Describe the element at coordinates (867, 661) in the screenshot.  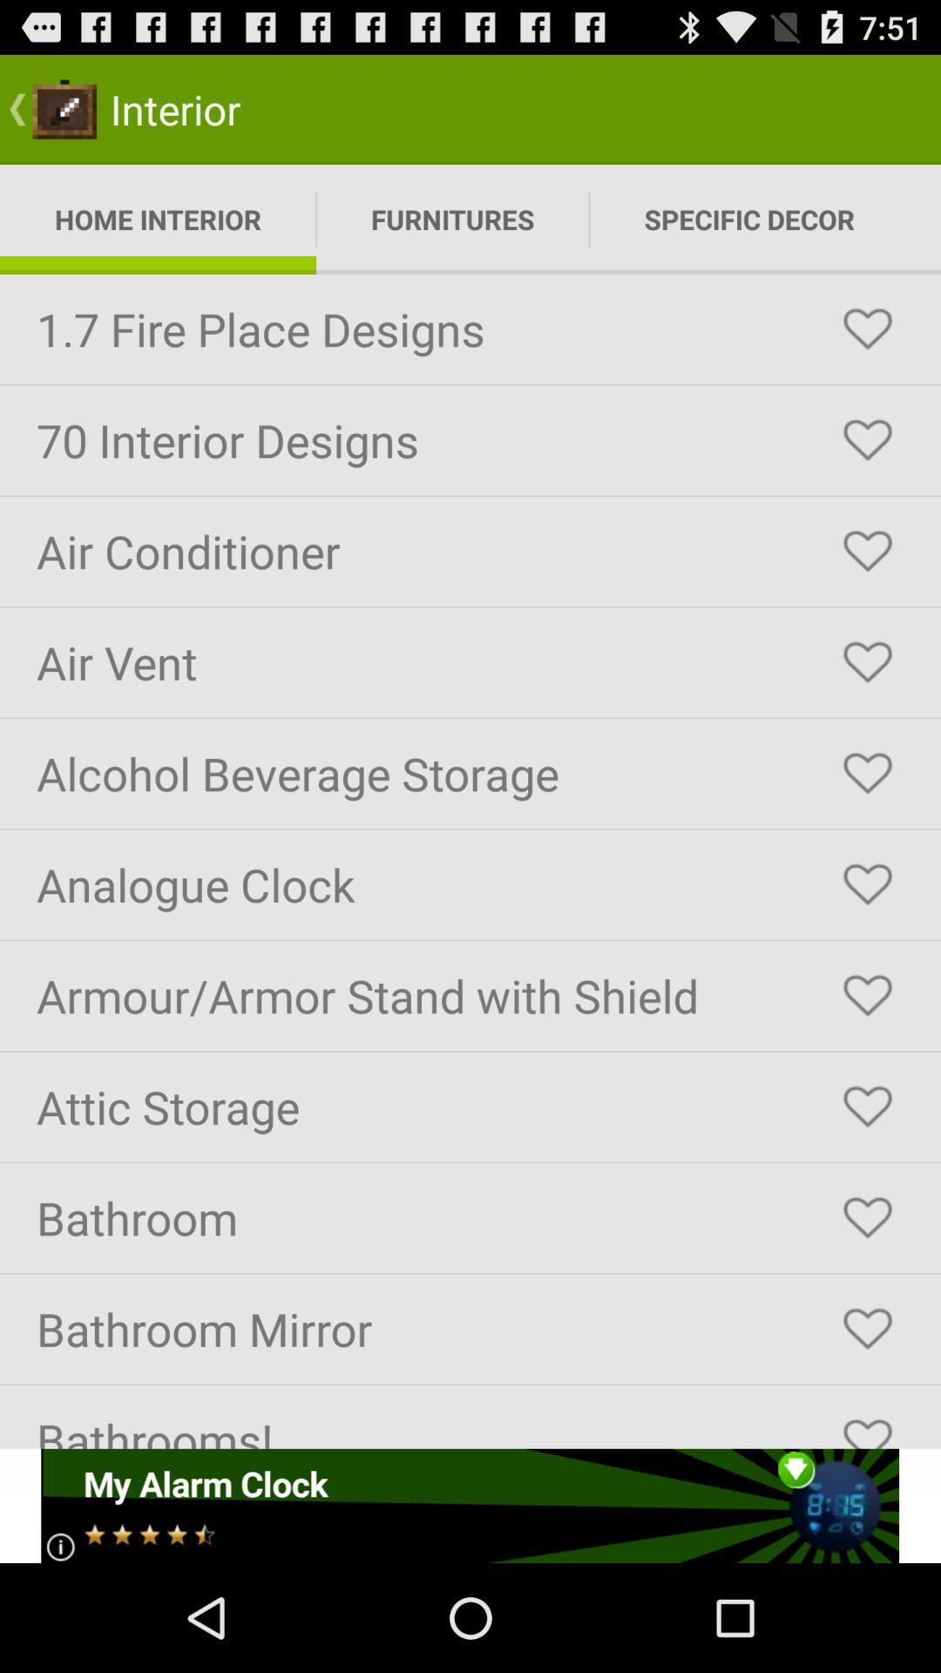
I see `favorite` at that location.